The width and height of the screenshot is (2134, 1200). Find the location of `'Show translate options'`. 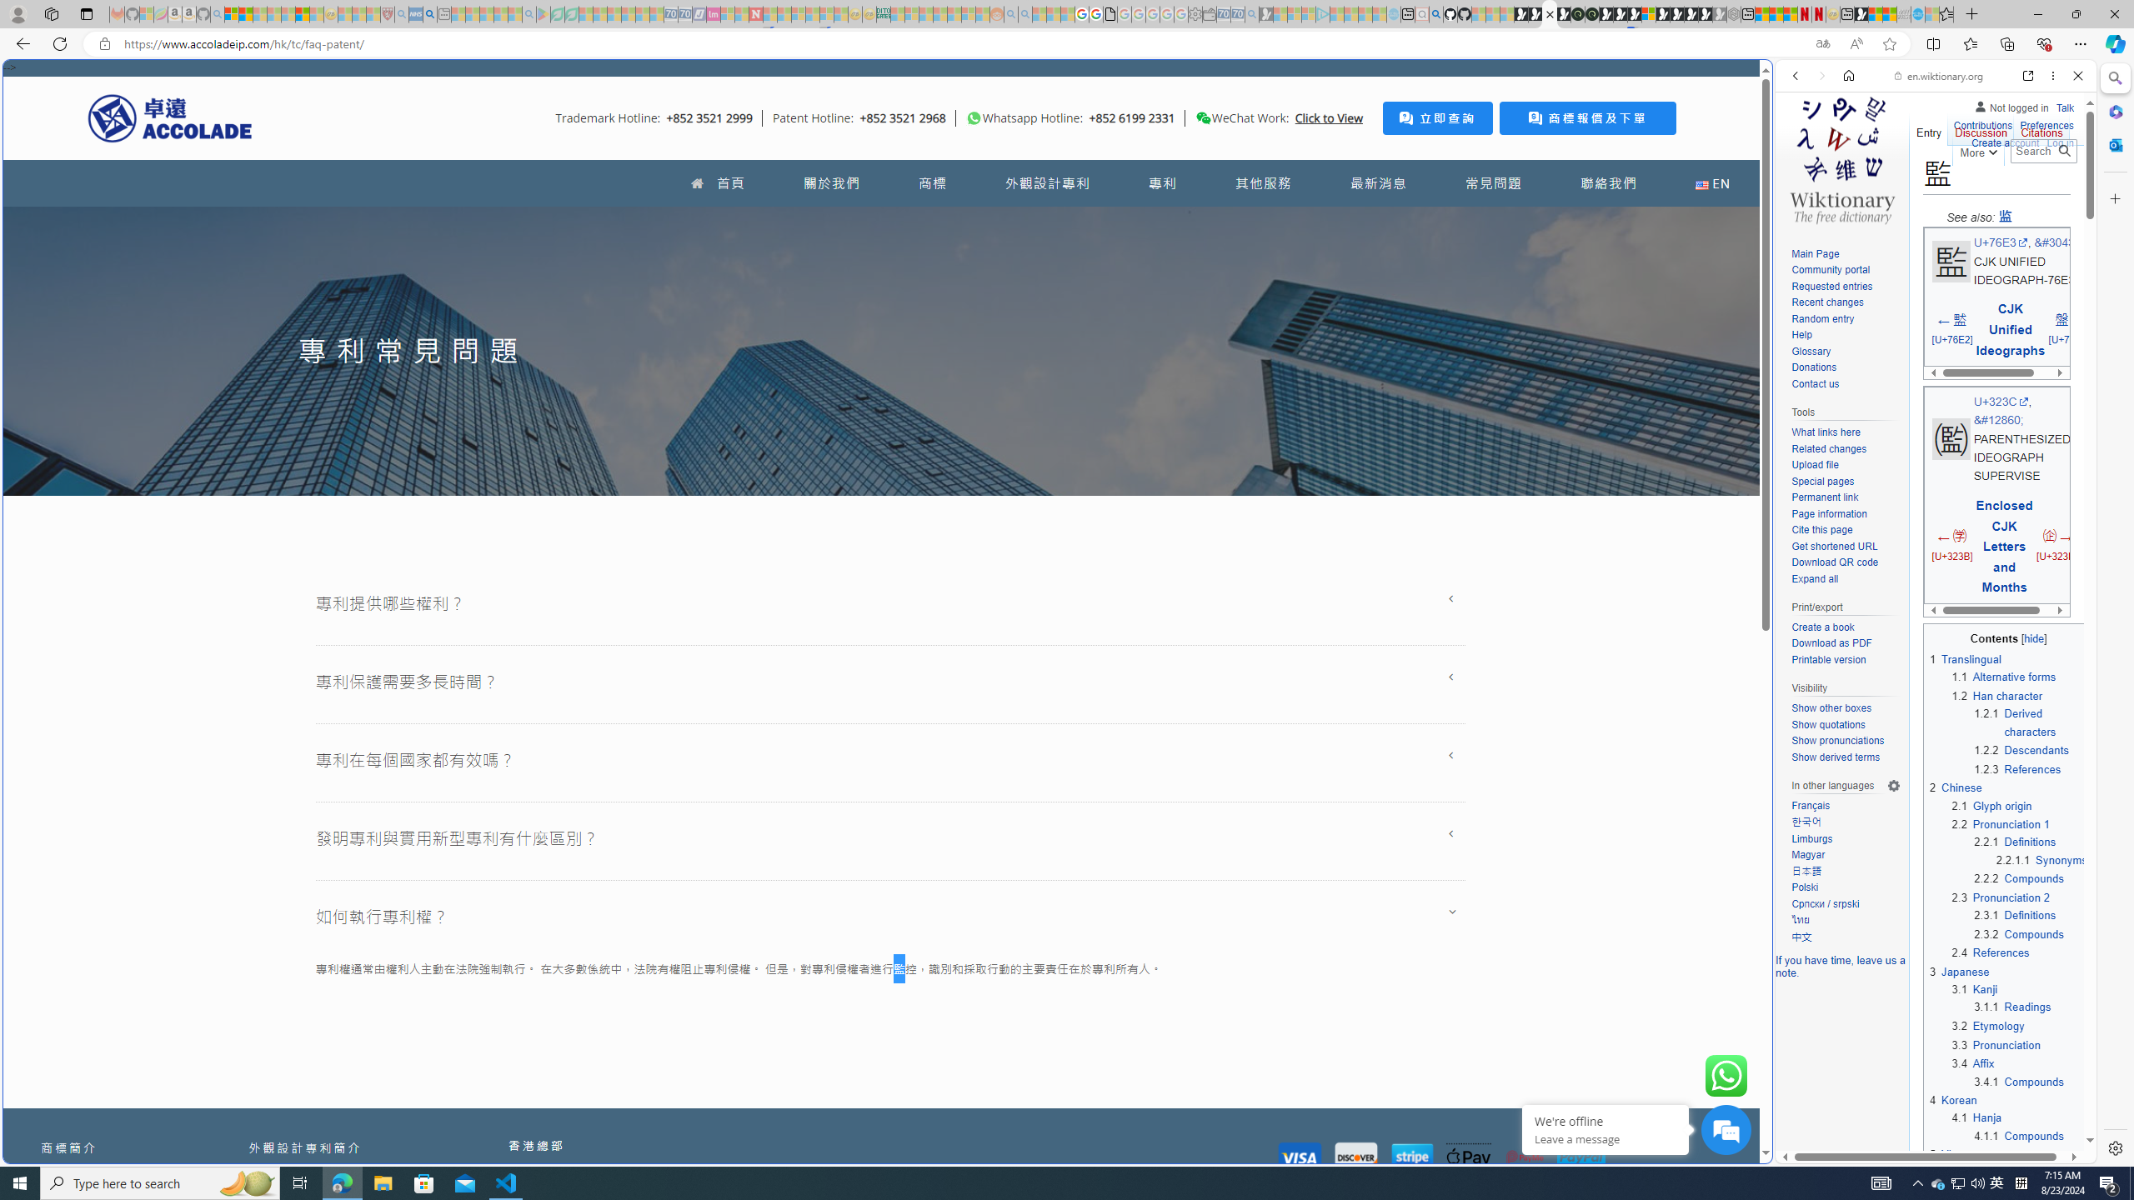

'Show translate options' is located at coordinates (1821, 44).